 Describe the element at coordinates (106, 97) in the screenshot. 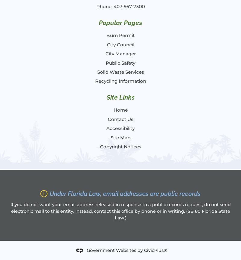

I see `'Site Links'` at that location.